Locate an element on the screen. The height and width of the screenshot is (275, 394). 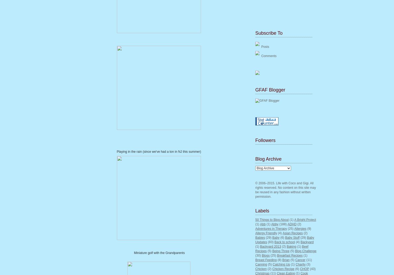
'Beef Recipes' is located at coordinates (281, 248).